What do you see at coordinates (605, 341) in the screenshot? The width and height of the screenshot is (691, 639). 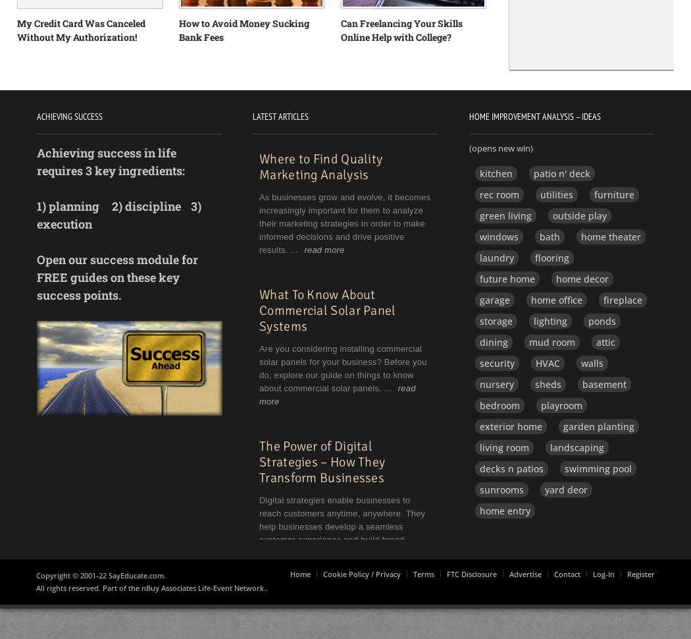 I see `'attic'` at bounding box center [605, 341].